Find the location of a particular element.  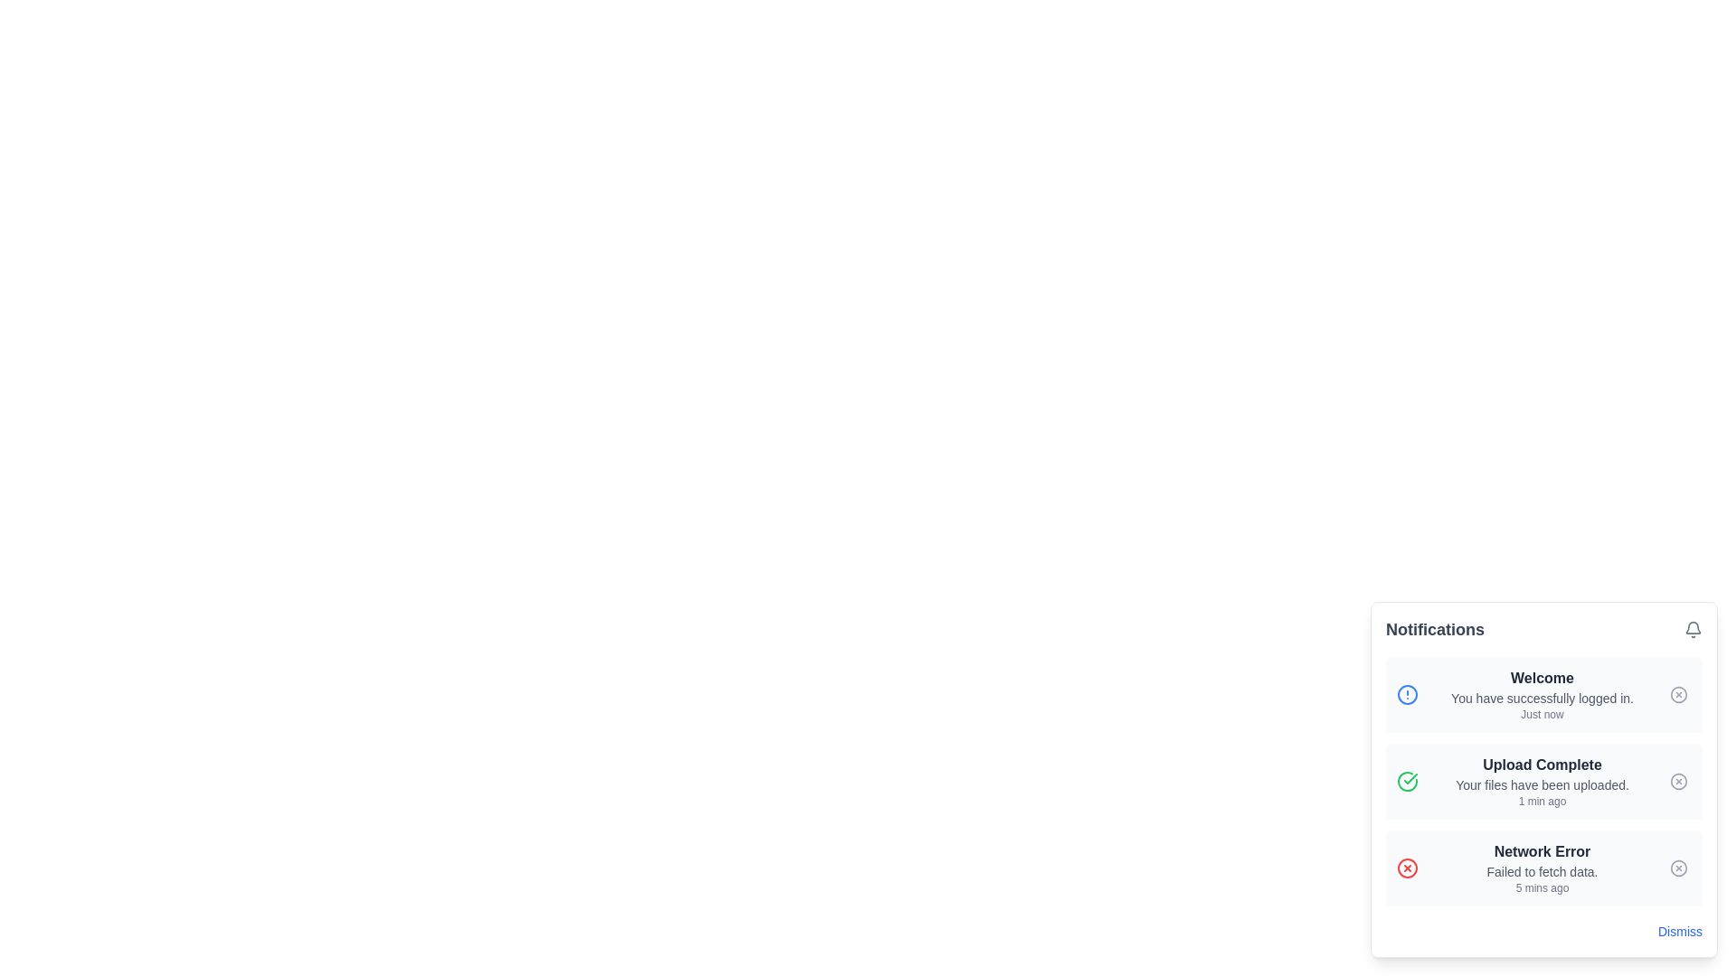

the upper body of the bell icon located in the top-right corner of the Notifications panel is located at coordinates (1692, 626).